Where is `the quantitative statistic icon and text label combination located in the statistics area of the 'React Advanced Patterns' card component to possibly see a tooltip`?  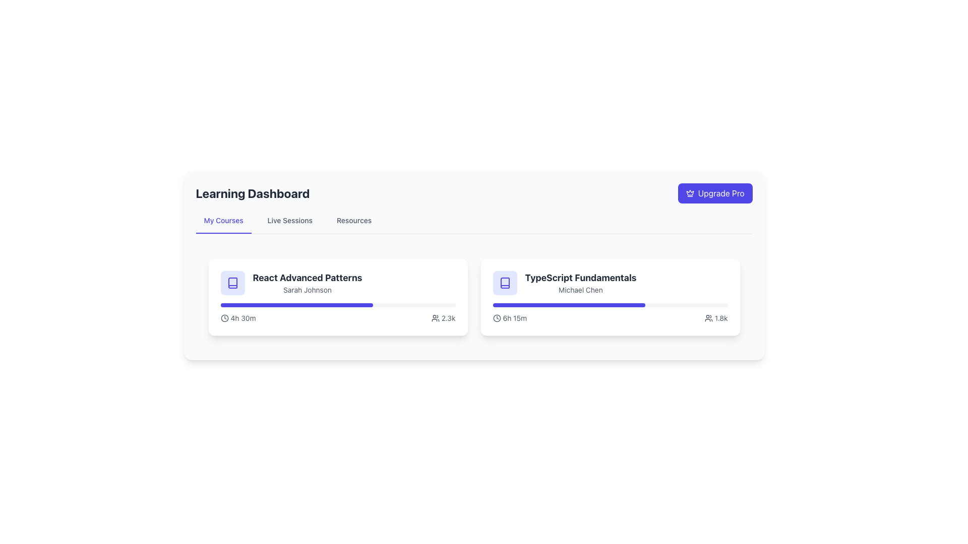 the quantitative statistic icon and text label combination located in the statistics area of the 'React Advanced Patterns' card component to possibly see a tooltip is located at coordinates (443, 318).